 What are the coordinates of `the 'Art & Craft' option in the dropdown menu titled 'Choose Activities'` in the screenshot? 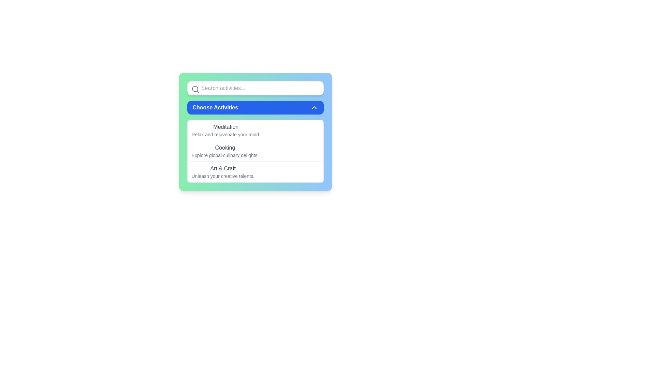 It's located at (223, 172).